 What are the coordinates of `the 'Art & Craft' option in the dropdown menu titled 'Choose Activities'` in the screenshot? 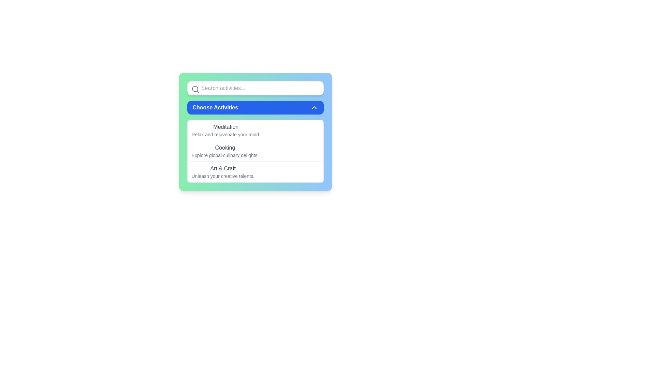 It's located at (223, 172).